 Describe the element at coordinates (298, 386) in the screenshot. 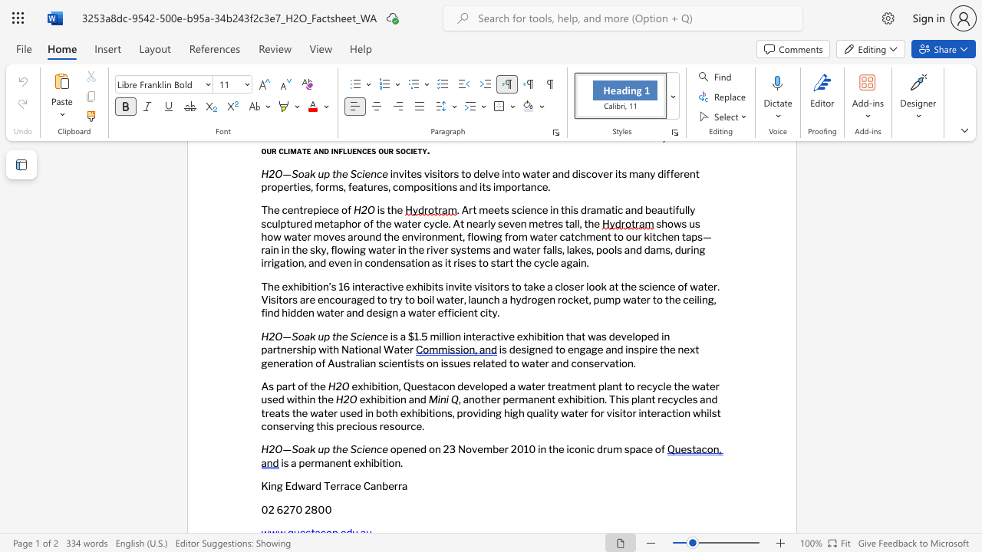

I see `the subset text "of" within the text "As part of the"` at that location.